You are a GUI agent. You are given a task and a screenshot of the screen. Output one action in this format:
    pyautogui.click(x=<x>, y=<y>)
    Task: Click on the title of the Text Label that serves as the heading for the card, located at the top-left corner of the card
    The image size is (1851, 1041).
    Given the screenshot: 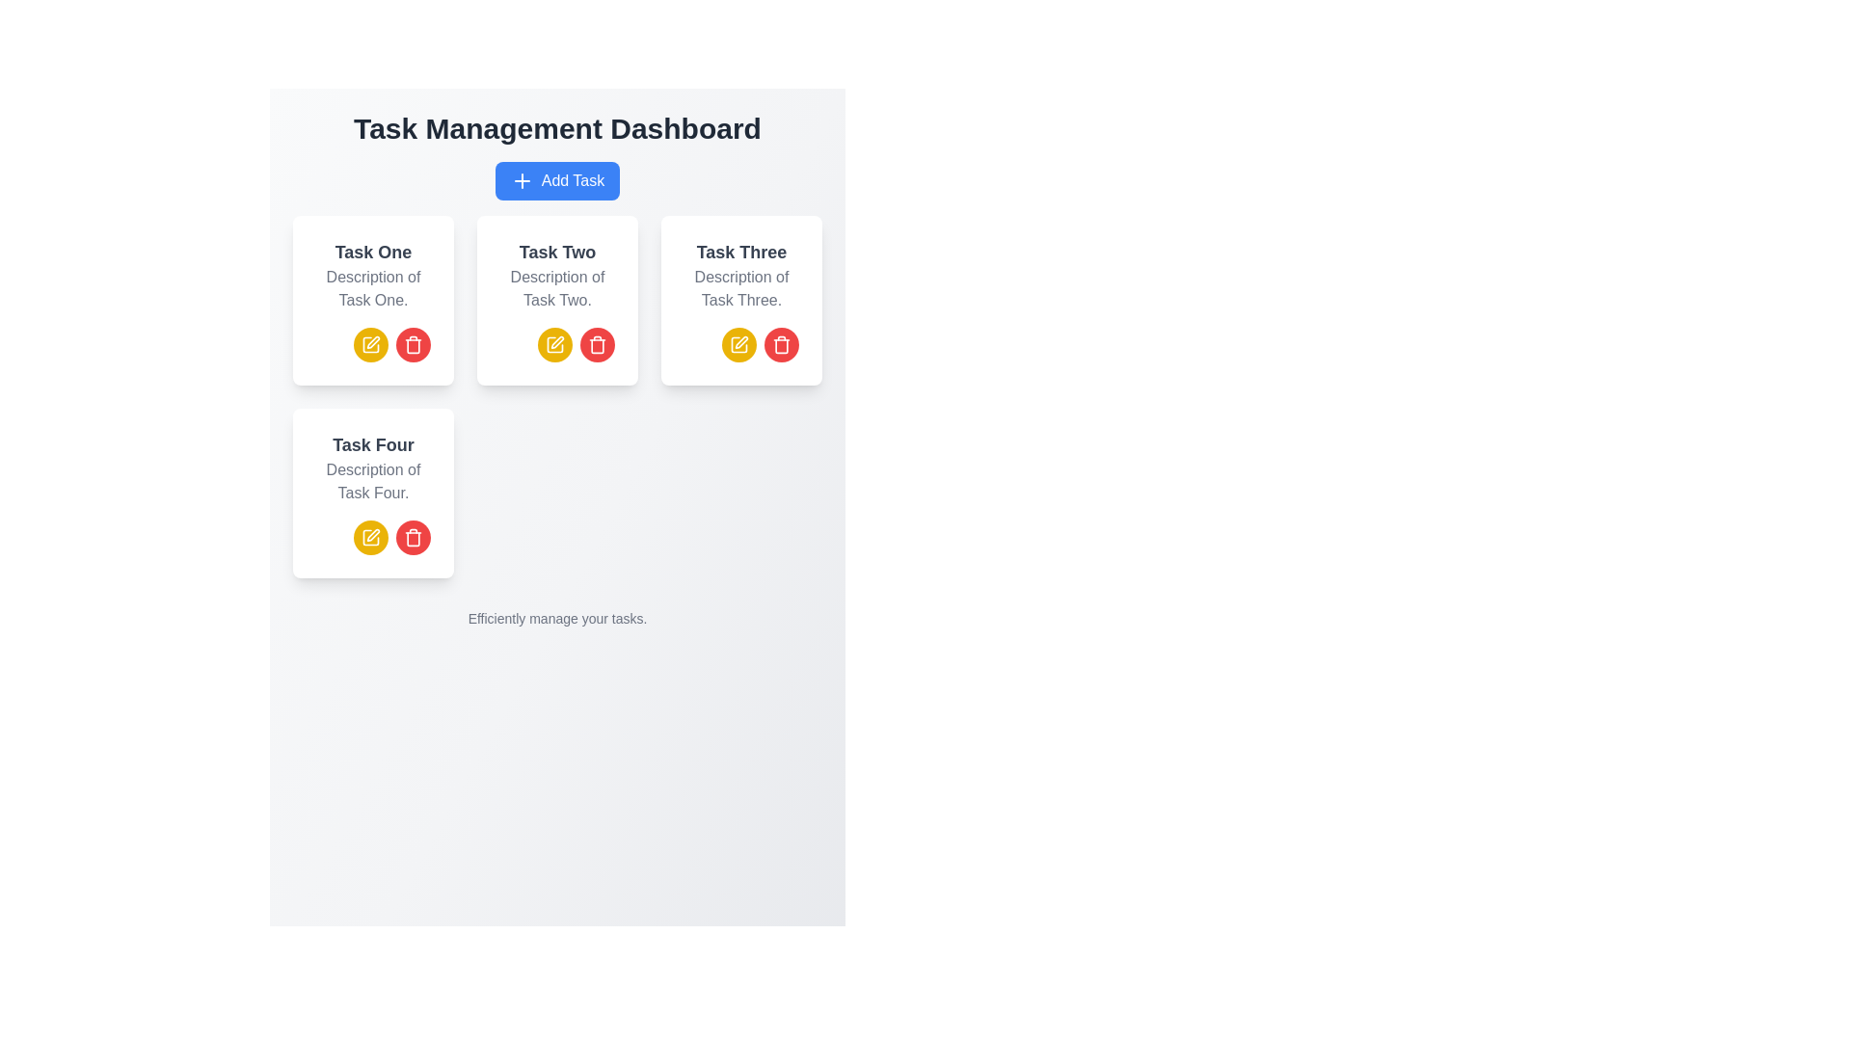 What is the action you would take?
    pyautogui.click(x=373, y=252)
    